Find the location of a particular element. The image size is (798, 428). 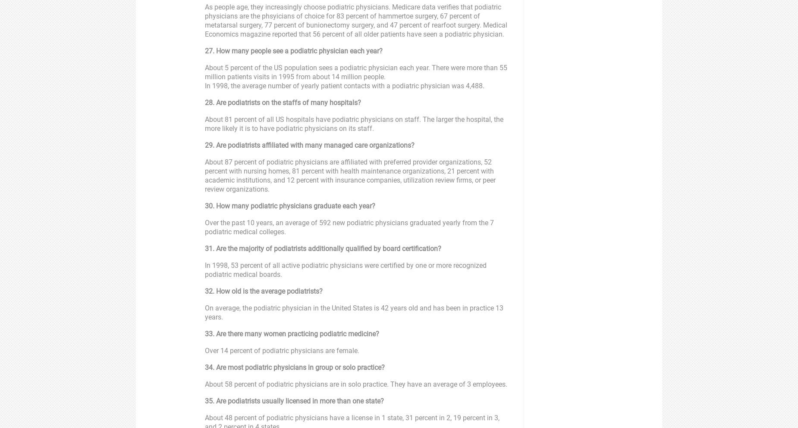

'31. Are the majority of podiatrists additionally qualified by board certification?' is located at coordinates (323, 248).